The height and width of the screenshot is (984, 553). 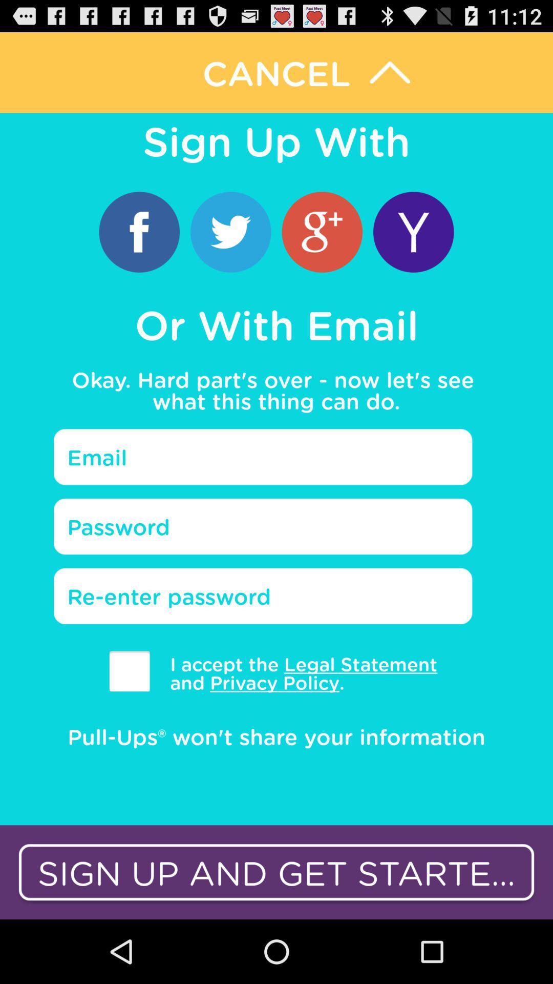 What do you see at coordinates (230, 231) in the screenshot?
I see `login with twitter` at bounding box center [230, 231].